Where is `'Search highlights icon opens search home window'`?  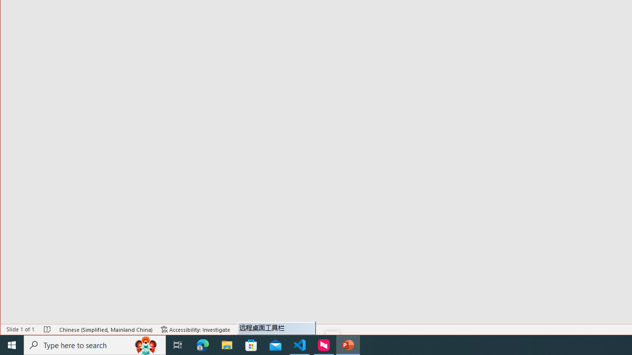
'Search highlights icon opens search home window' is located at coordinates (145, 344).